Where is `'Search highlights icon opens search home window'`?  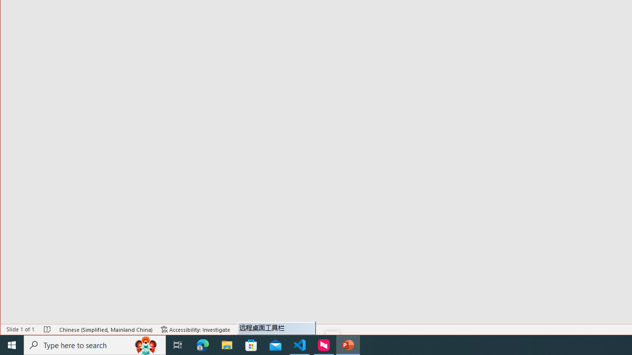
'Search highlights icon opens search home window' is located at coordinates (145, 344).